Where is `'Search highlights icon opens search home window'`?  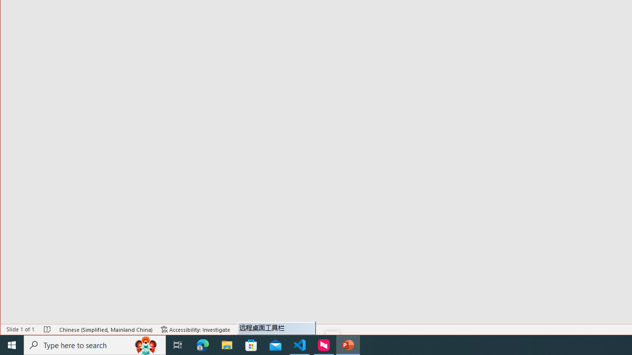
'Search highlights icon opens search home window' is located at coordinates (145, 344).